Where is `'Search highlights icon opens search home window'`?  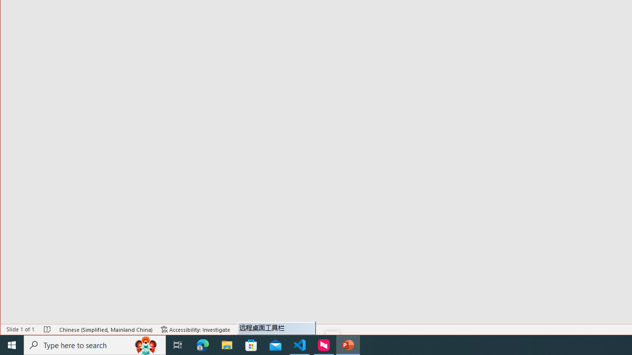
'Search highlights icon opens search home window' is located at coordinates (145, 344).